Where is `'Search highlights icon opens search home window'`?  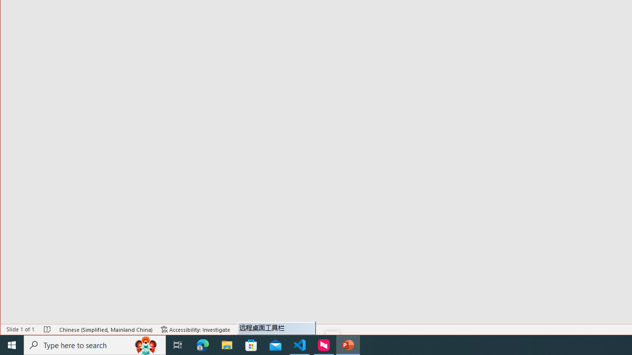
'Search highlights icon opens search home window' is located at coordinates (145, 344).